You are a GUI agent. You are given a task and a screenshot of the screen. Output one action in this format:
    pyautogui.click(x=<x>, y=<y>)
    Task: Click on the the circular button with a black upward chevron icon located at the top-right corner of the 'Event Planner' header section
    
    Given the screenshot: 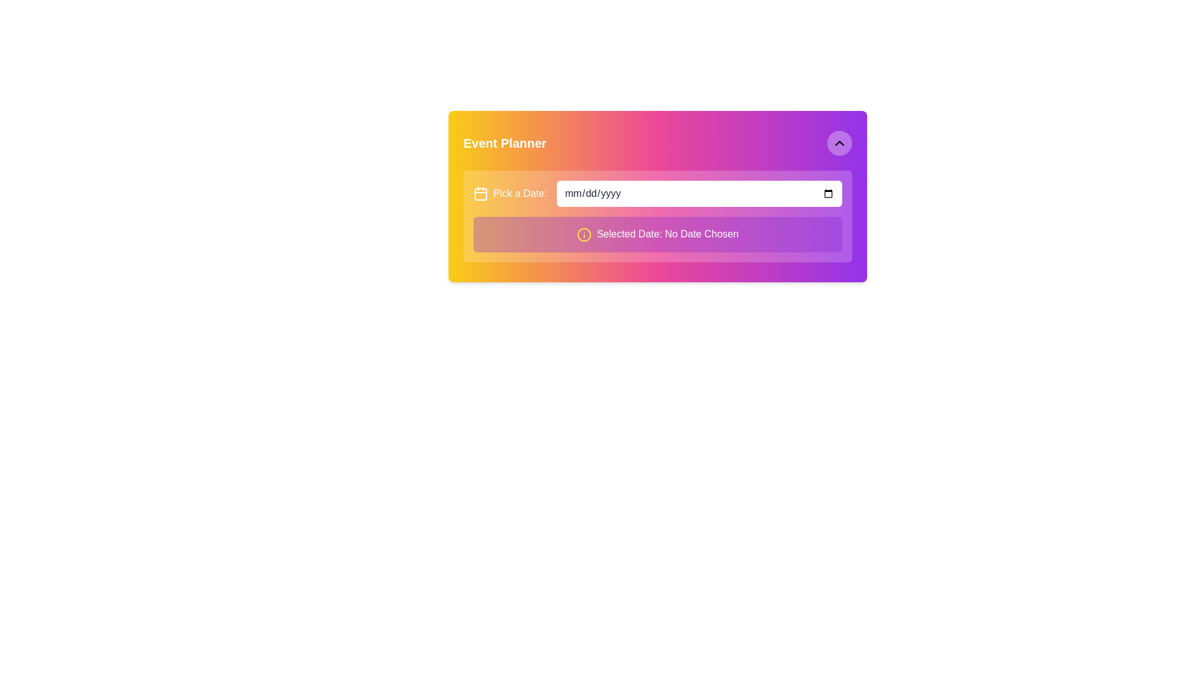 What is the action you would take?
    pyautogui.click(x=840, y=143)
    